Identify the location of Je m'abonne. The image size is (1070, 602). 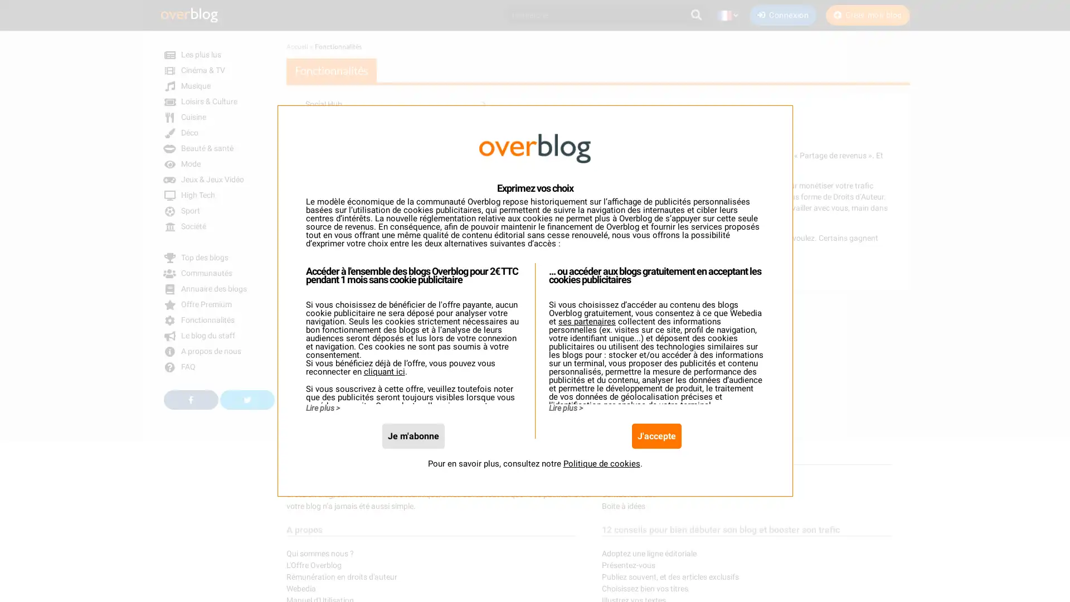
(412, 435).